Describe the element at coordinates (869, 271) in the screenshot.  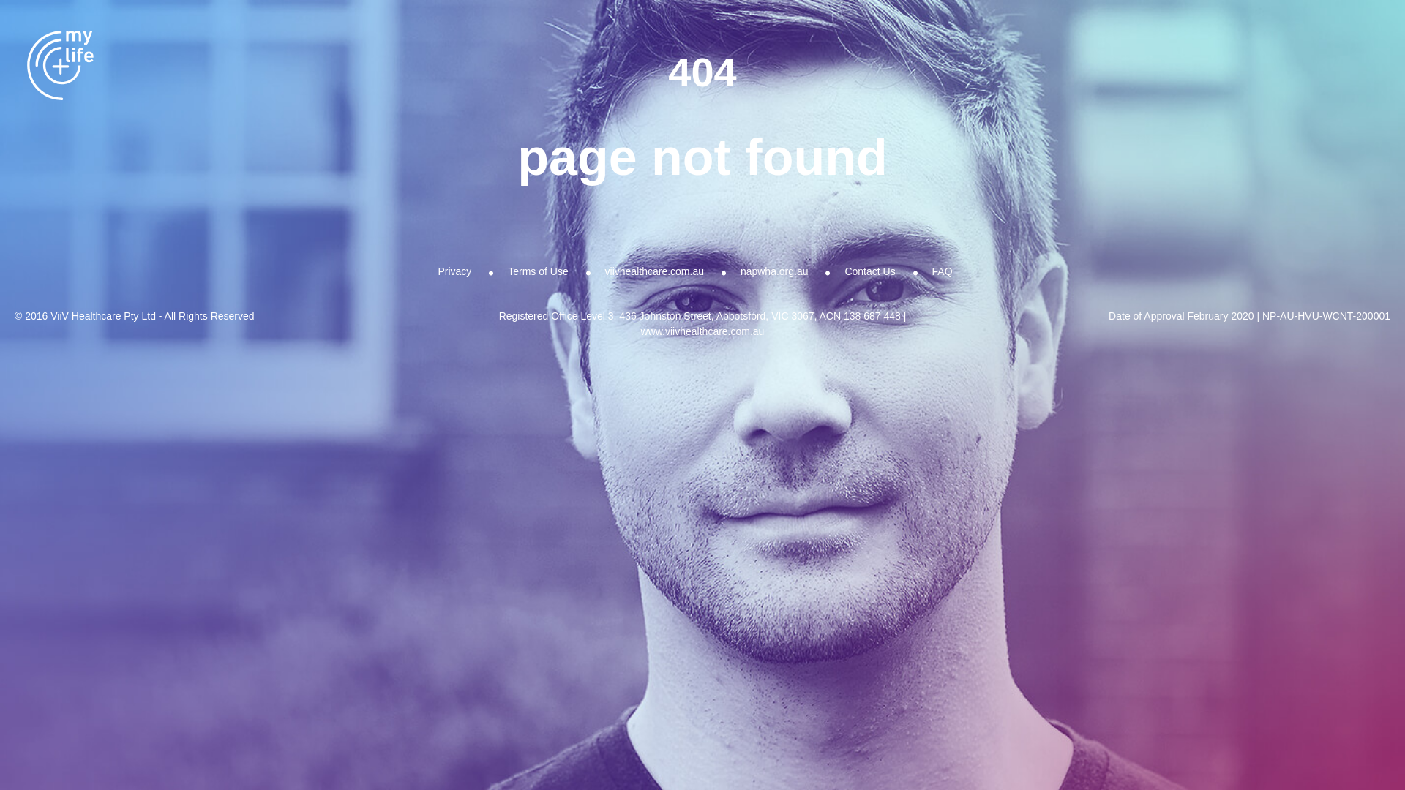
I see `'Contact Us'` at that location.